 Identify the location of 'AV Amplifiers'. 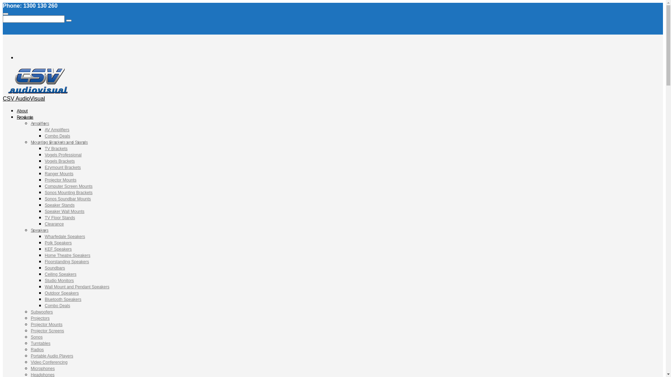
(57, 130).